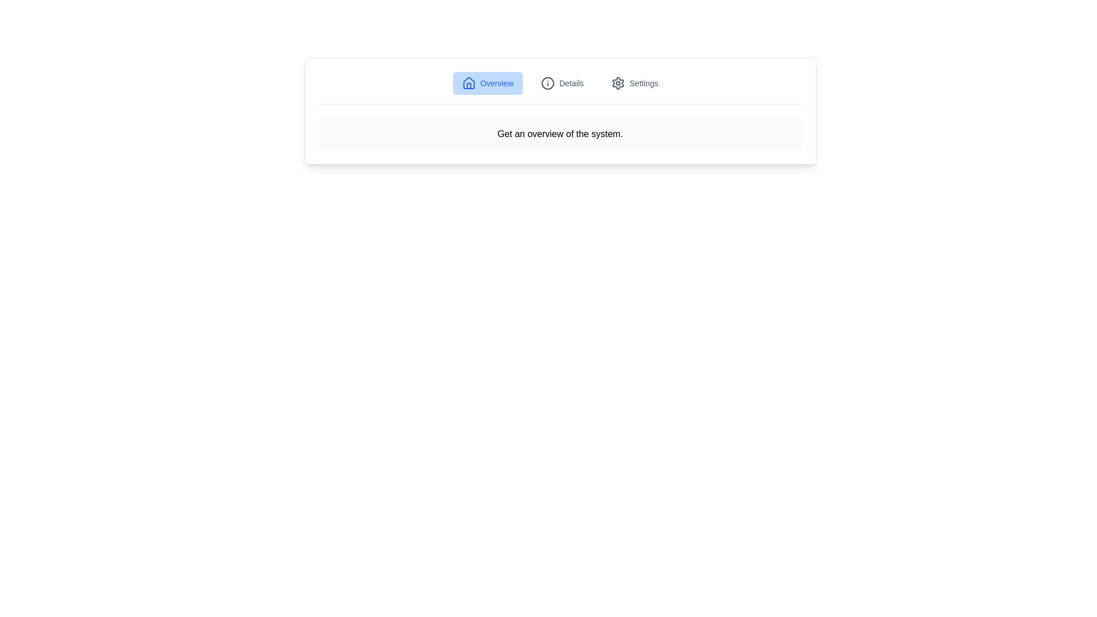 This screenshot has width=1097, height=617. I want to click on the 'Home' icon located on the left side of the navigation menu, so click(469, 82).